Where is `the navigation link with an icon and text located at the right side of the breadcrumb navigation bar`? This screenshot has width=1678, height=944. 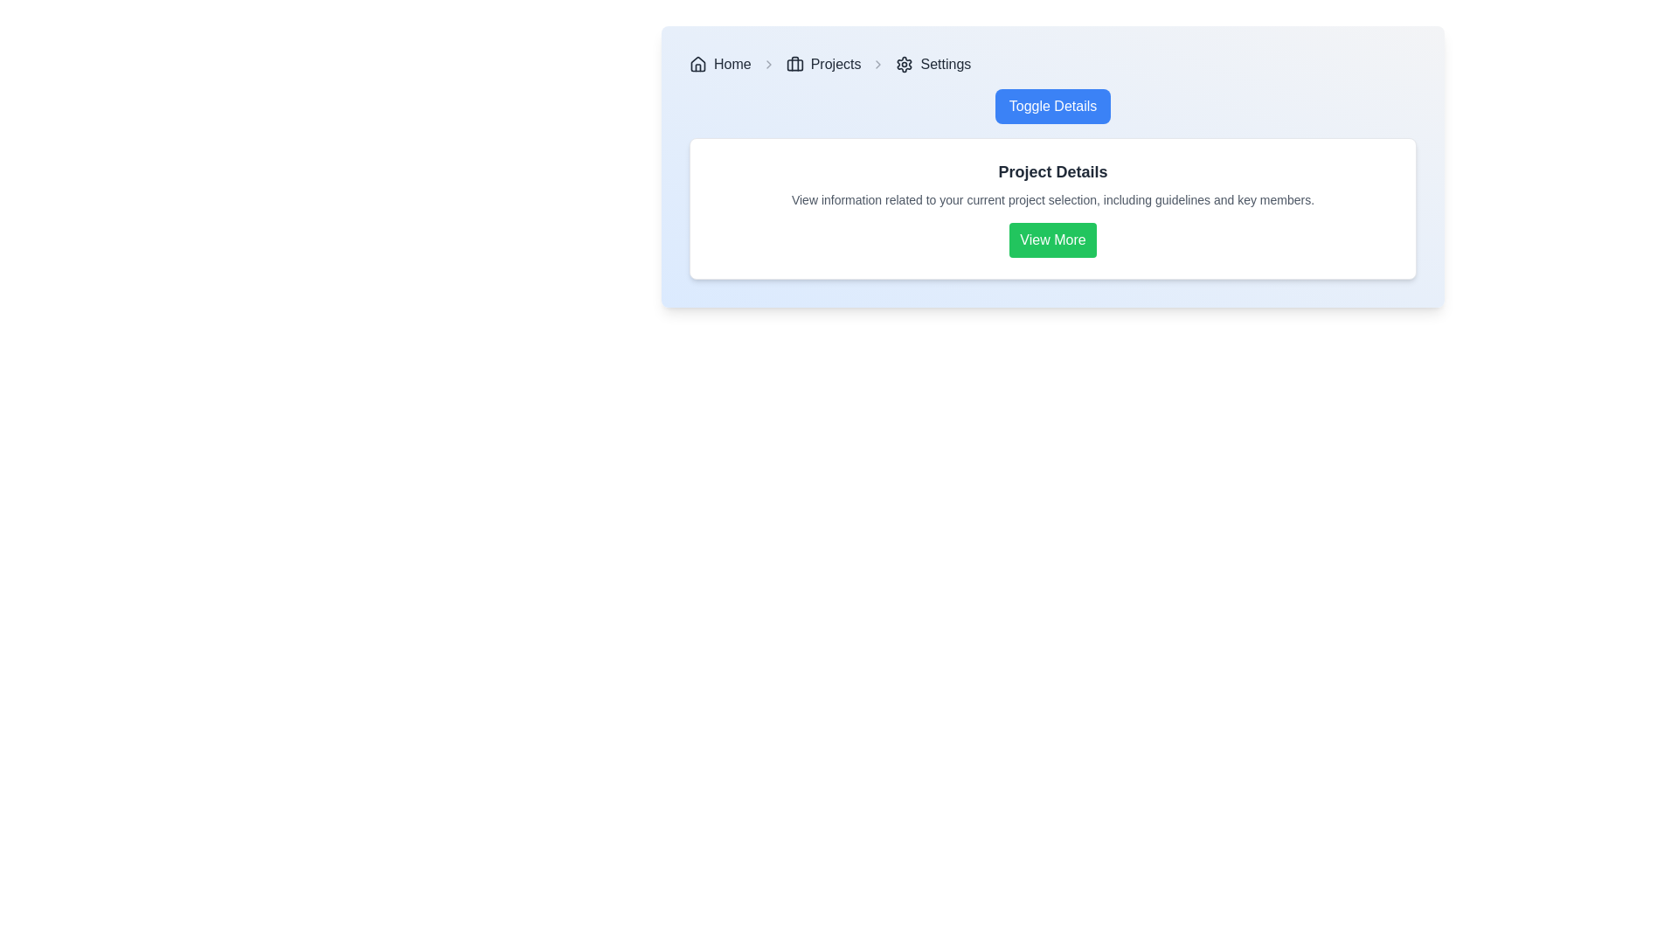
the navigation link with an icon and text located at the right side of the breadcrumb navigation bar is located at coordinates (933, 63).